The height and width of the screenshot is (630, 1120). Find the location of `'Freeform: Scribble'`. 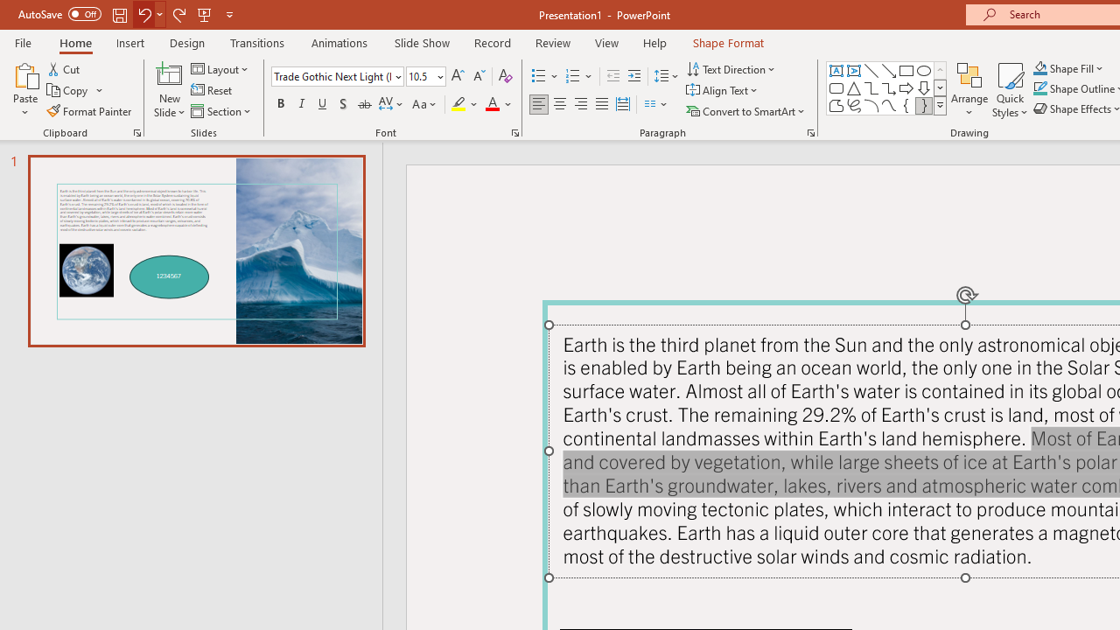

'Freeform: Scribble' is located at coordinates (854, 105).